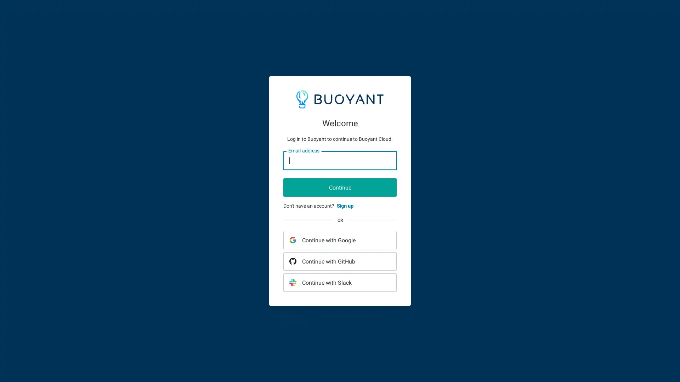 The width and height of the screenshot is (680, 382). What do you see at coordinates (340, 187) in the screenshot?
I see `Continue` at bounding box center [340, 187].